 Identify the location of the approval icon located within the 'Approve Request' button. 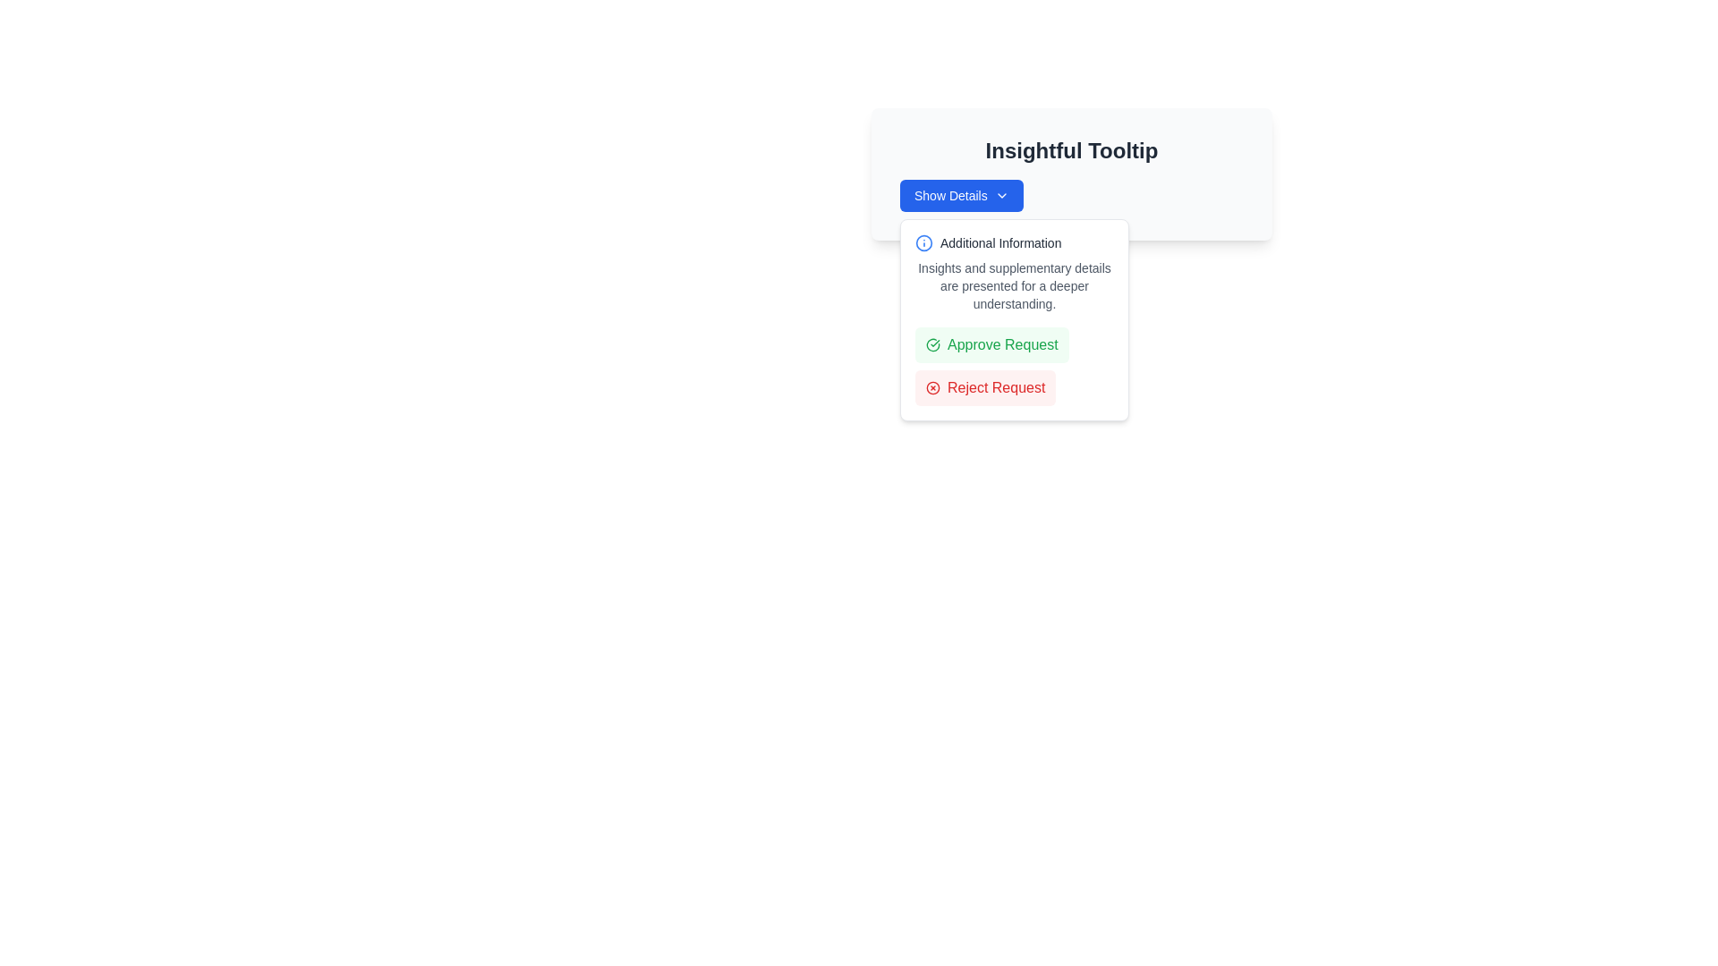
(931, 344).